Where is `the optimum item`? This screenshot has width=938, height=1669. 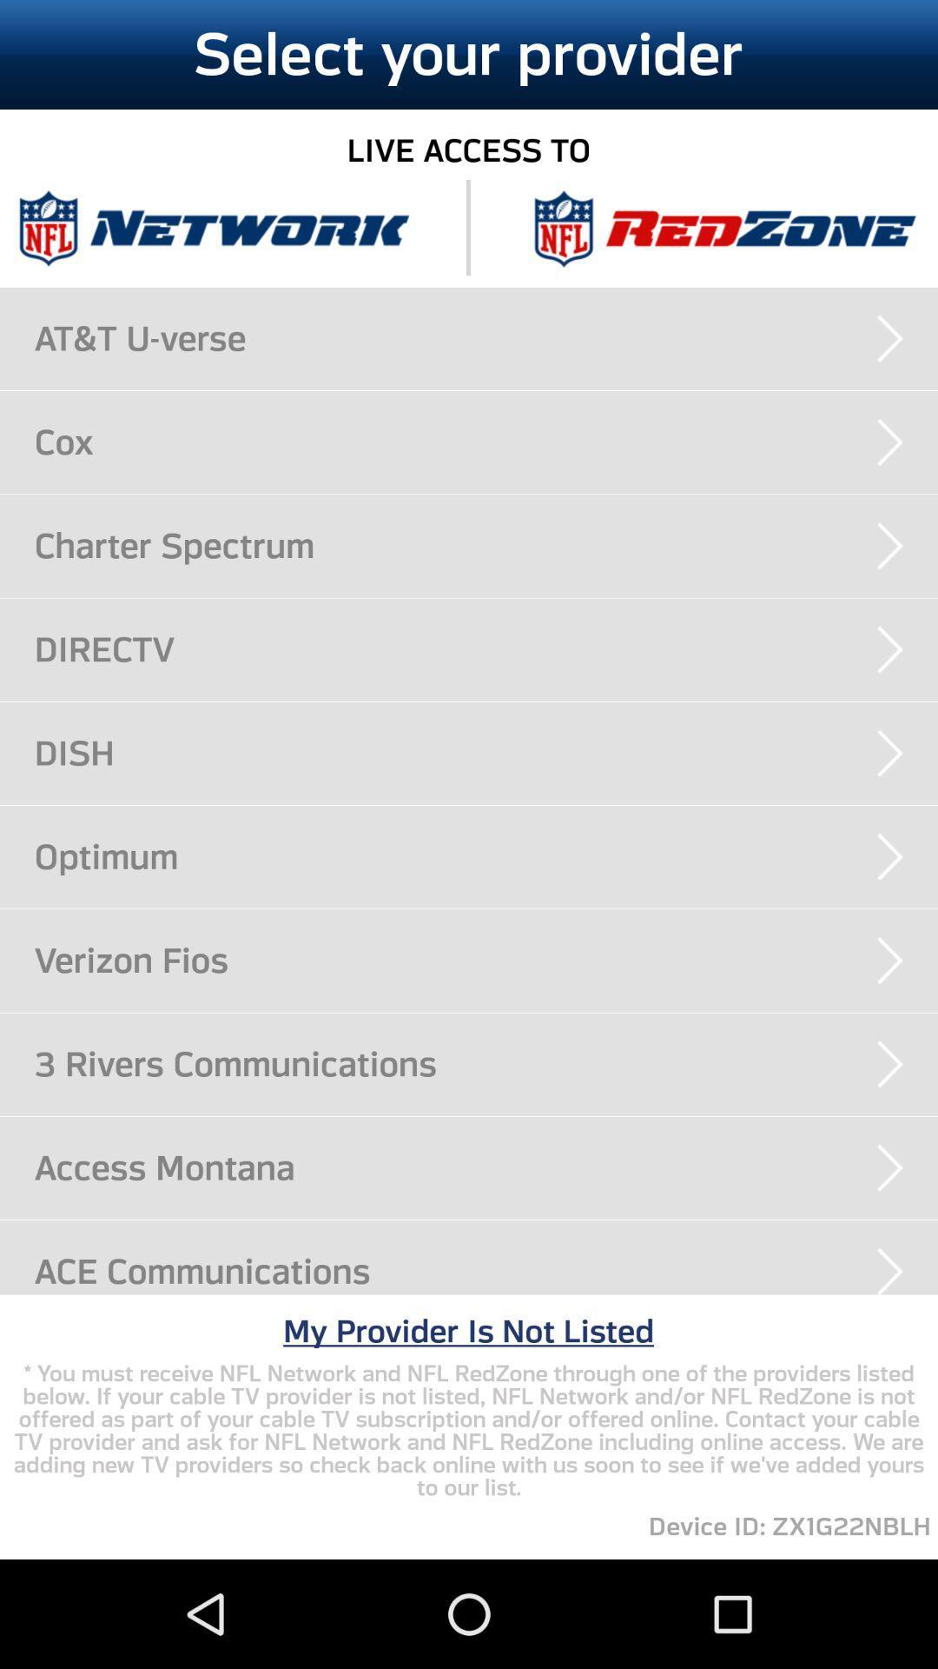
the optimum item is located at coordinates (486, 856).